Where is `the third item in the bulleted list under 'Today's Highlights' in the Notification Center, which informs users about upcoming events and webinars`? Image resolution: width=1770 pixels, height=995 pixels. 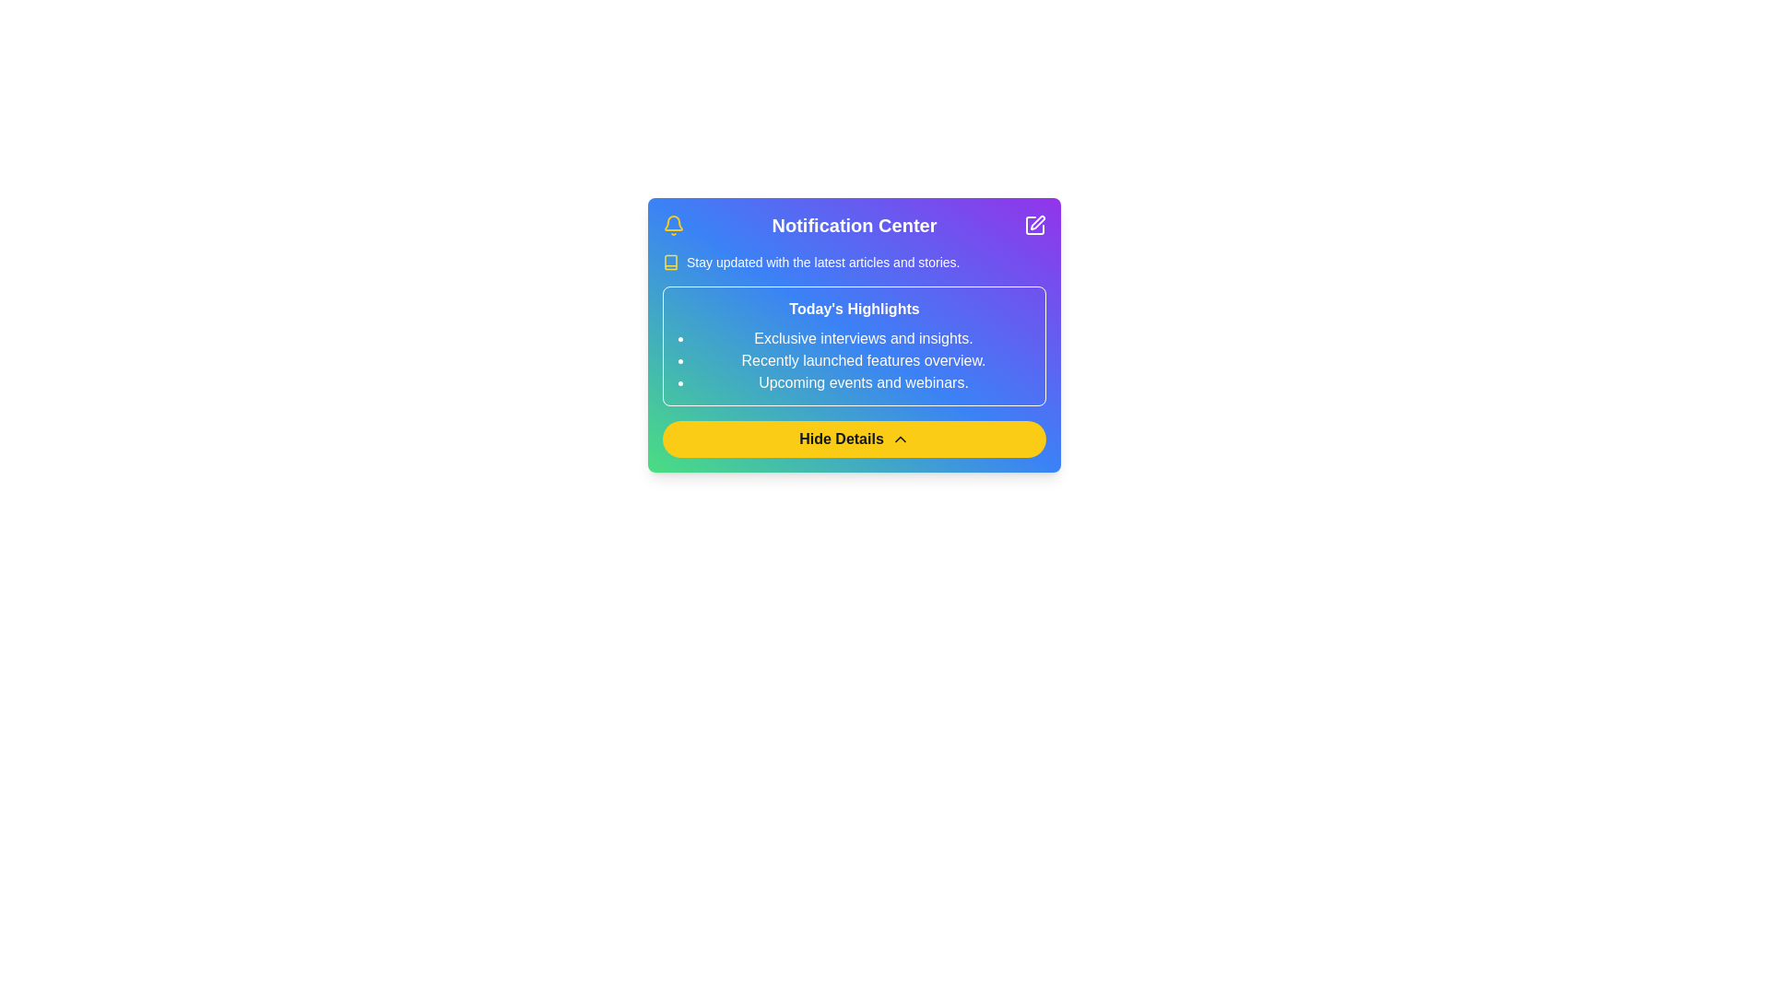 the third item in the bulleted list under 'Today's Highlights' in the Notification Center, which informs users about upcoming events and webinars is located at coordinates (862, 382).